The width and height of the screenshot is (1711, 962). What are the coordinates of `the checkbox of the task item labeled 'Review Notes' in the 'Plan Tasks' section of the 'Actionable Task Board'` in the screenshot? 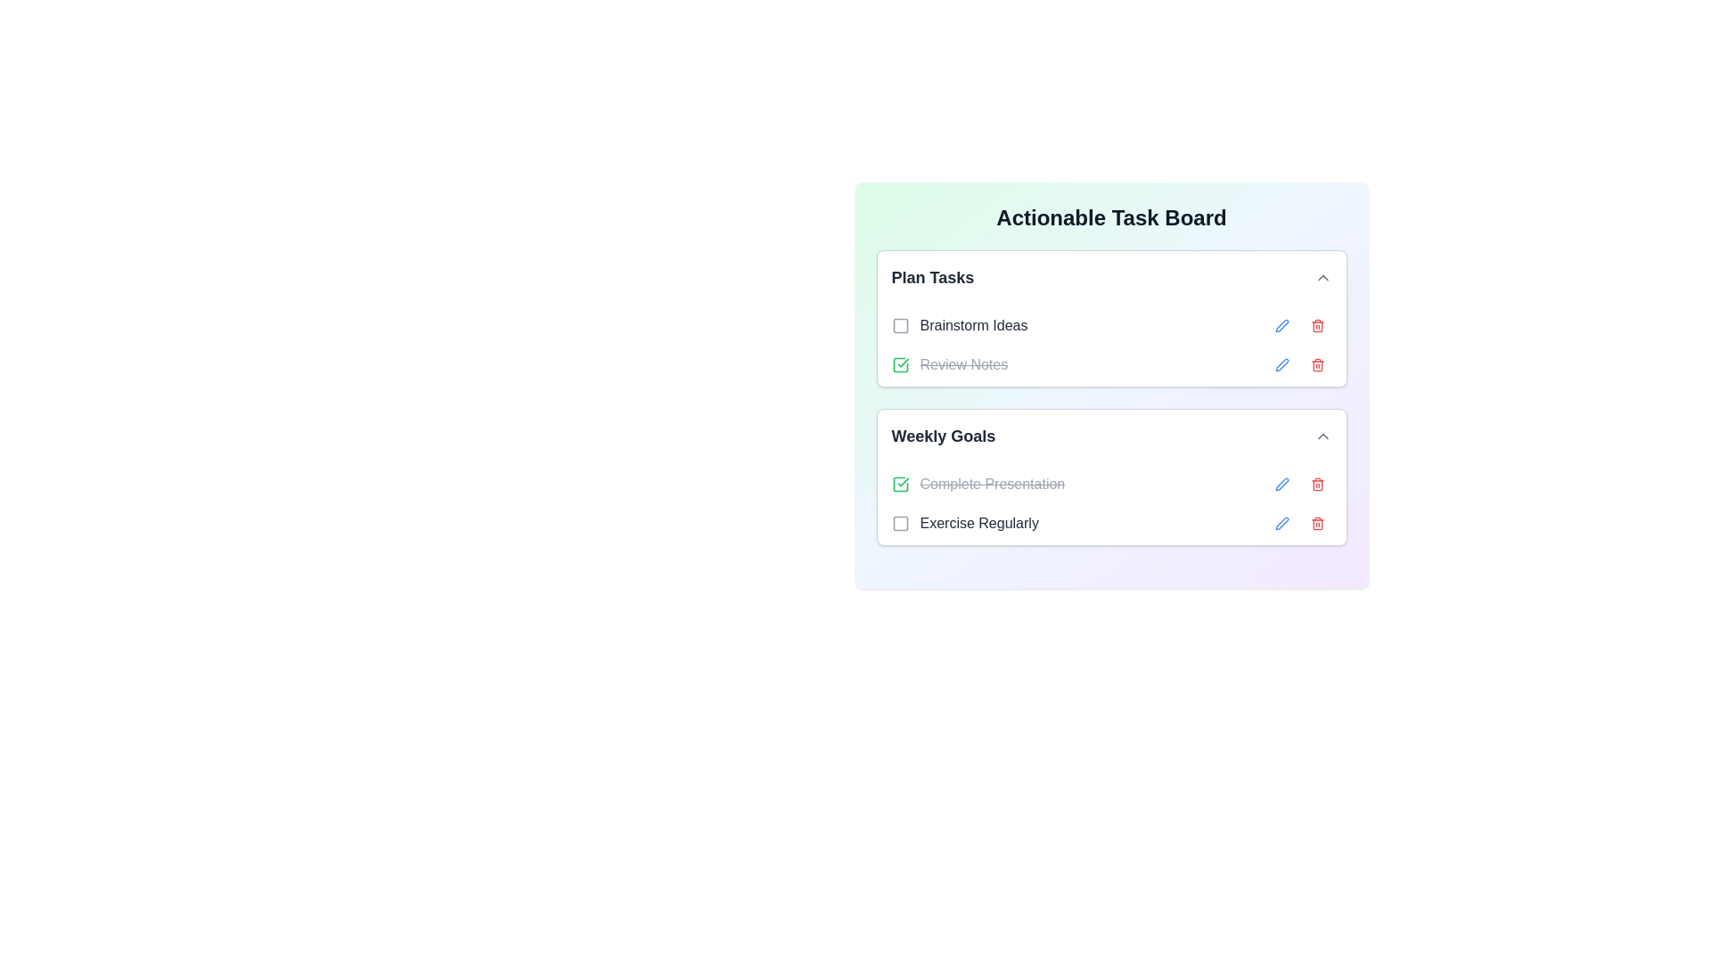 It's located at (948, 363).